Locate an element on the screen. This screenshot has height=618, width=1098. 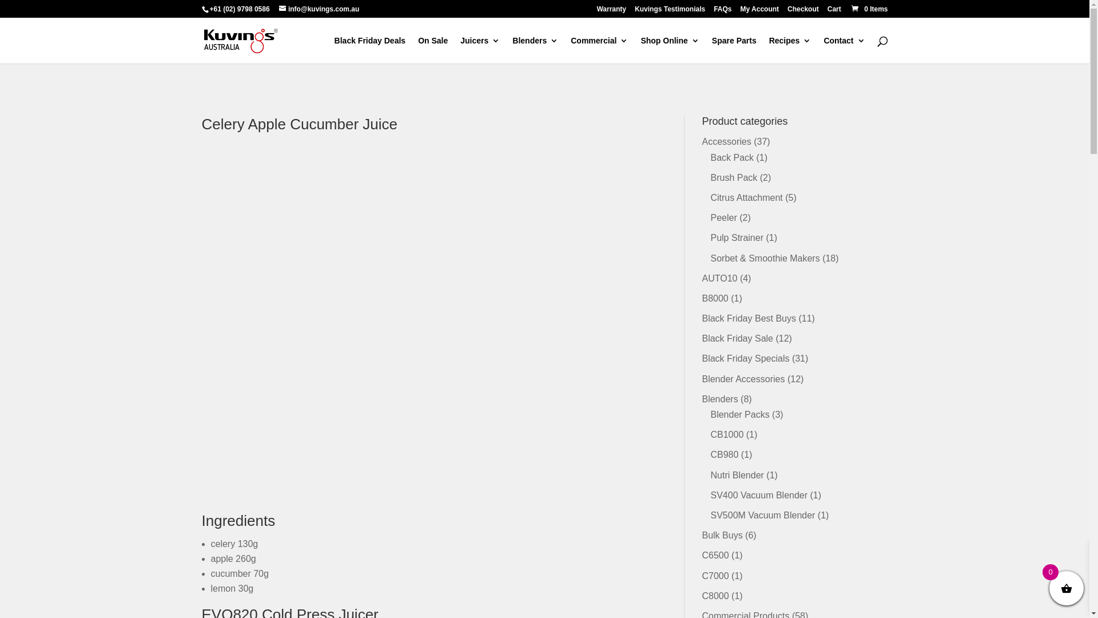
'Nutri Blender' is located at coordinates (737, 475).